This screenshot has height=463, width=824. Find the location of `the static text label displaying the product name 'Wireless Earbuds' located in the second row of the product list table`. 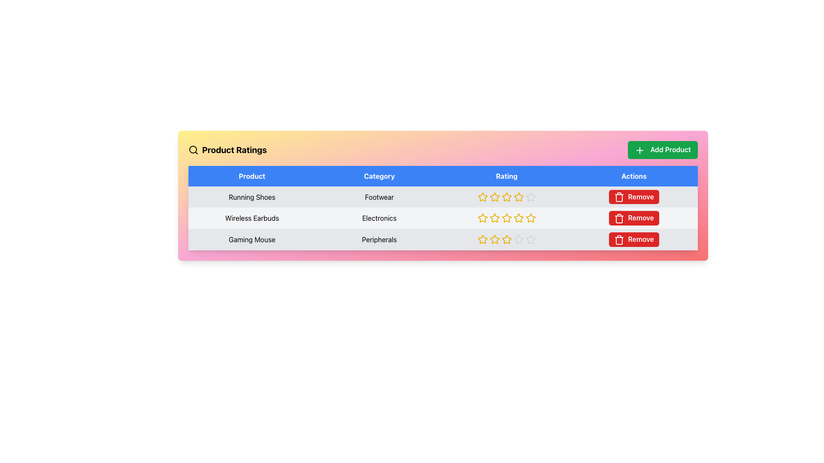

the static text label displaying the product name 'Wireless Earbuds' located in the second row of the product list table is located at coordinates (251, 218).